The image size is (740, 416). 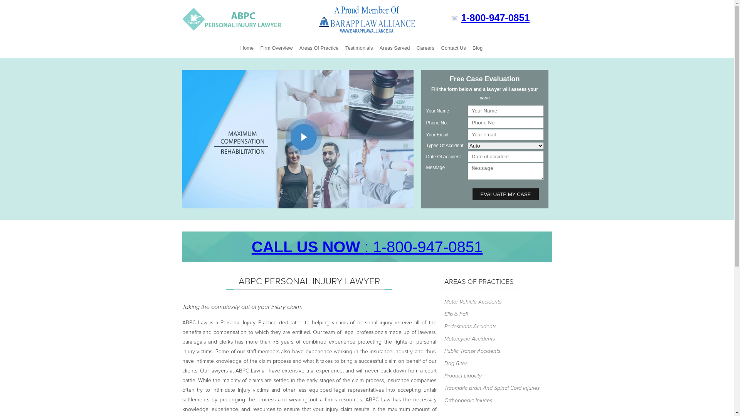 What do you see at coordinates (491, 301) in the screenshot?
I see `'Motor Vehicle Accidents'` at bounding box center [491, 301].